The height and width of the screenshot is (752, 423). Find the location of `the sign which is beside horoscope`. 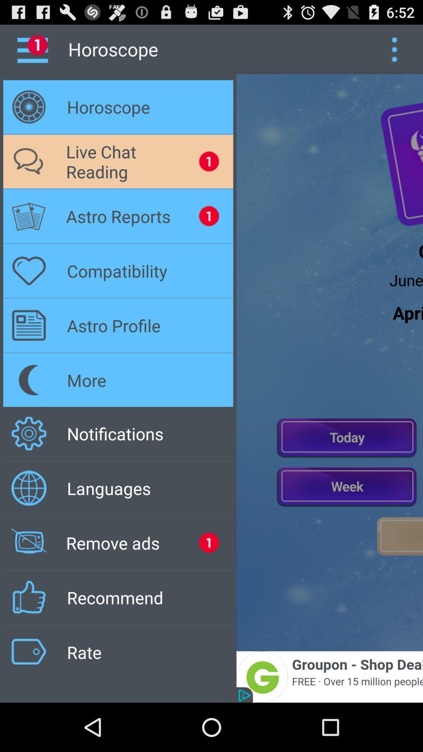

the sign which is beside horoscope is located at coordinates (28, 107).